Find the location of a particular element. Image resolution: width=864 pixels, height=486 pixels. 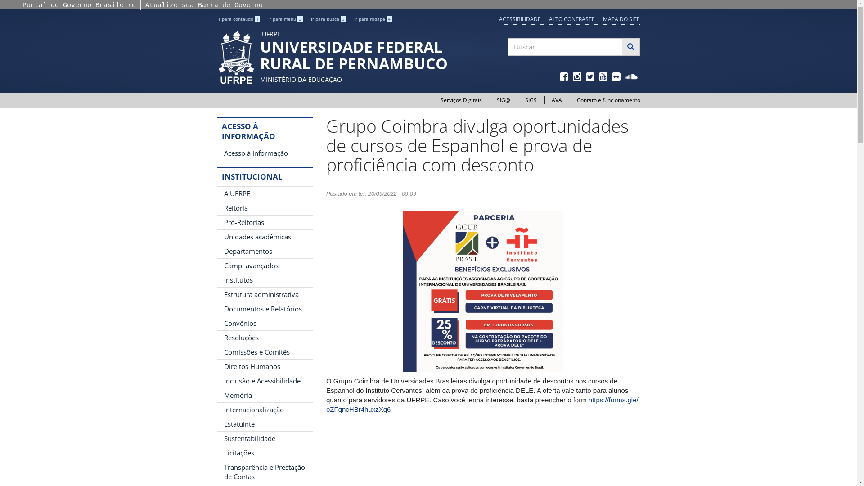

'SIG@' is located at coordinates (496, 100).